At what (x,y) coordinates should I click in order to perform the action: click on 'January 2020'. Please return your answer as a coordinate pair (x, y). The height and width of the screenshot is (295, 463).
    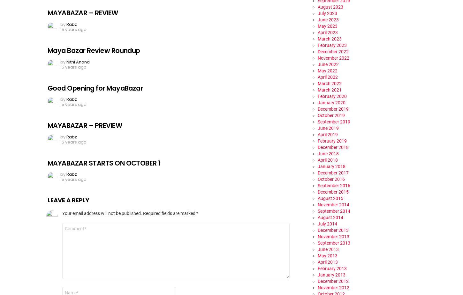
    Looking at the image, I should click on (331, 102).